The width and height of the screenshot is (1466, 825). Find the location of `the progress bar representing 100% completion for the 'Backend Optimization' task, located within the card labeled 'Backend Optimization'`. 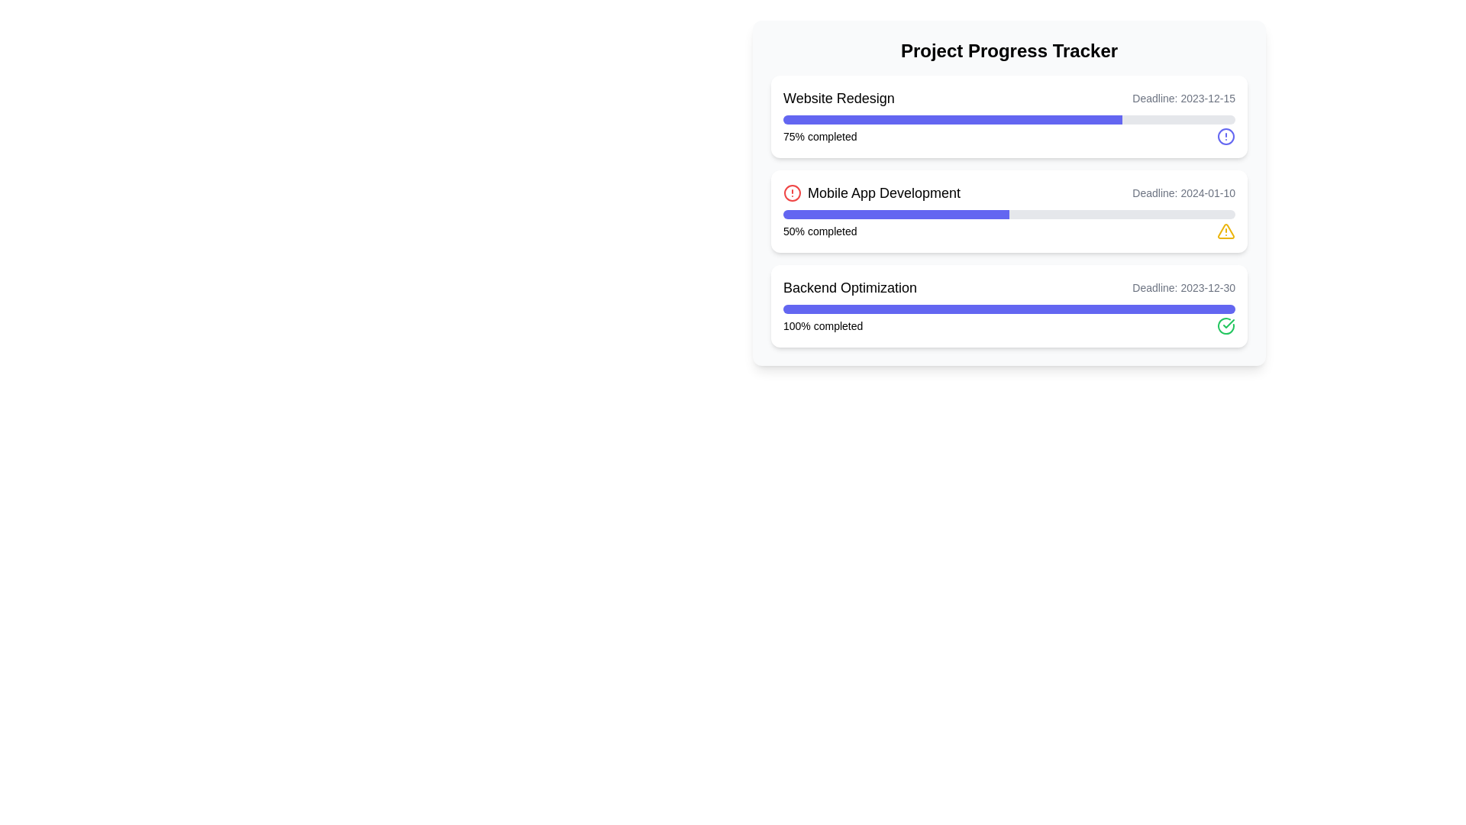

the progress bar representing 100% completion for the 'Backend Optimization' task, located within the card labeled 'Backend Optimization' is located at coordinates (1009, 309).